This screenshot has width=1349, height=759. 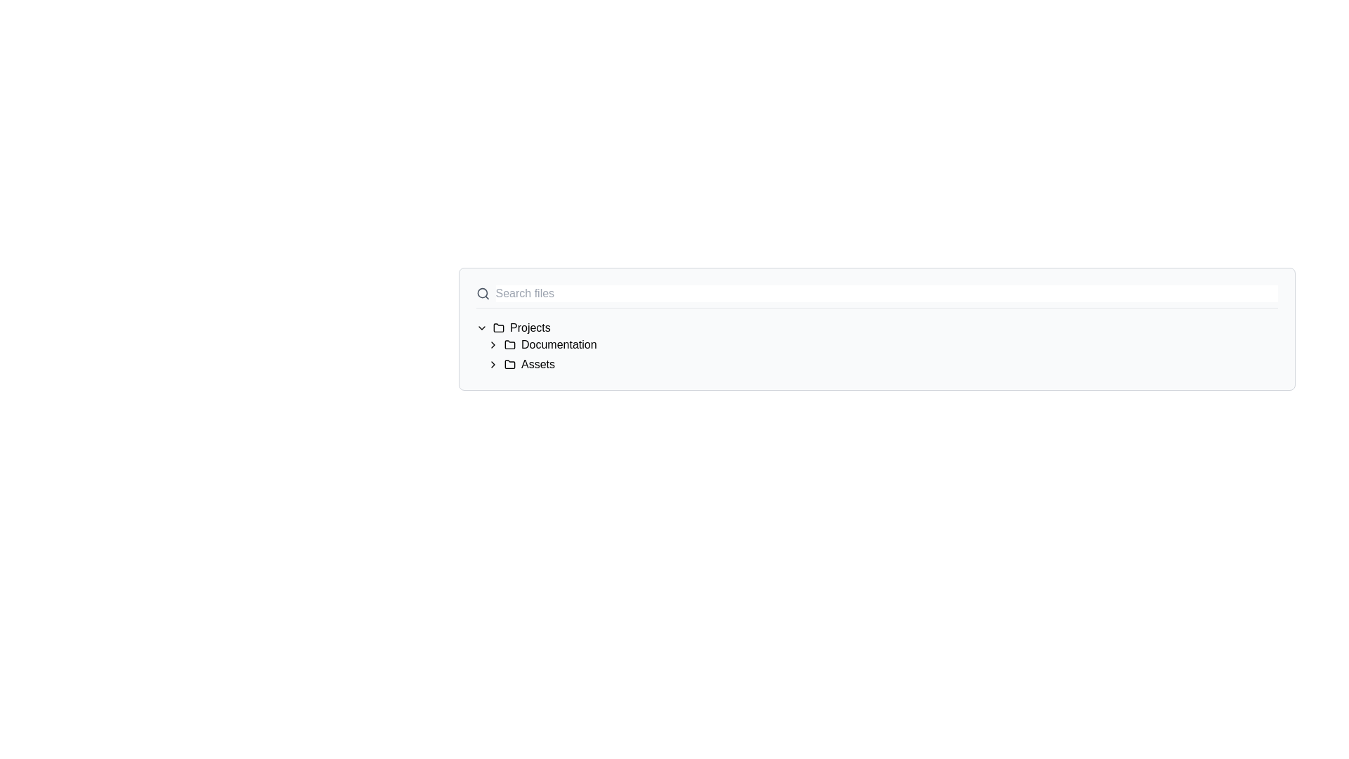 What do you see at coordinates (482, 292) in the screenshot?
I see `the circular SVG element representing the search function, which is part of a larger SVG icon in the upper-left section of the interface` at bounding box center [482, 292].